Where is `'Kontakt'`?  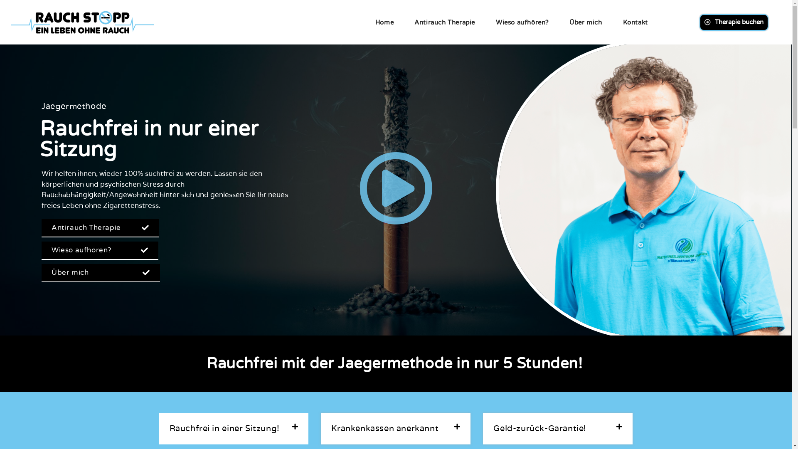 'Kontakt' is located at coordinates (622, 22).